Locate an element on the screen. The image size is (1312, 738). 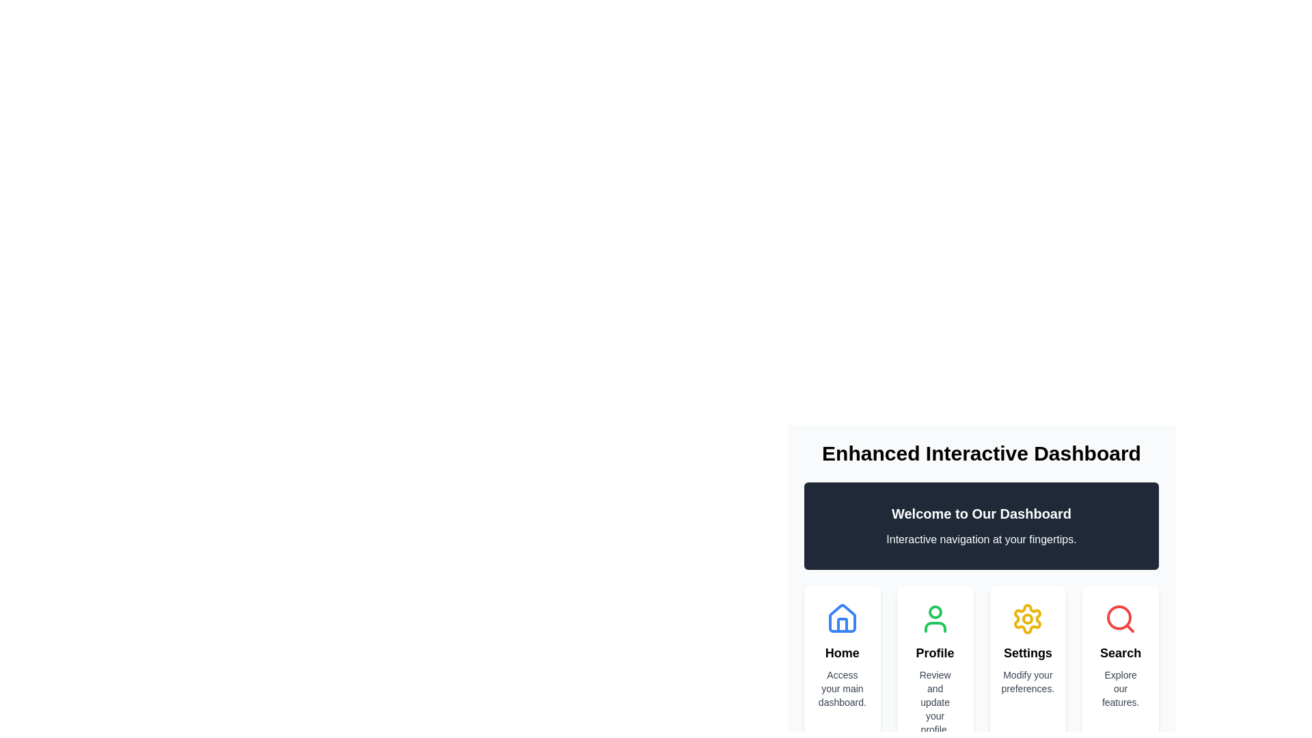
the user profile icon located in the profile section, positioned below the circular user head representation and above the 'Profile' text label is located at coordinates (934, 627).